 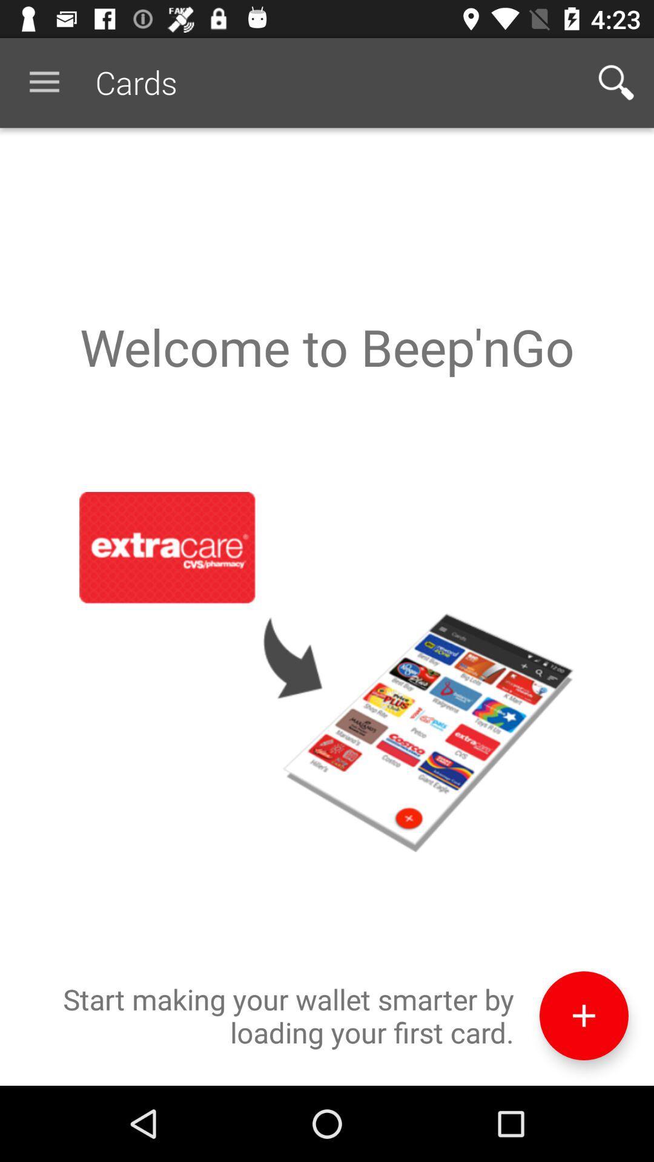 What do you see at coordinates (616, 82) in the screenshot?
I see `the app next to the cards icon` at bounding box center [616, 82].